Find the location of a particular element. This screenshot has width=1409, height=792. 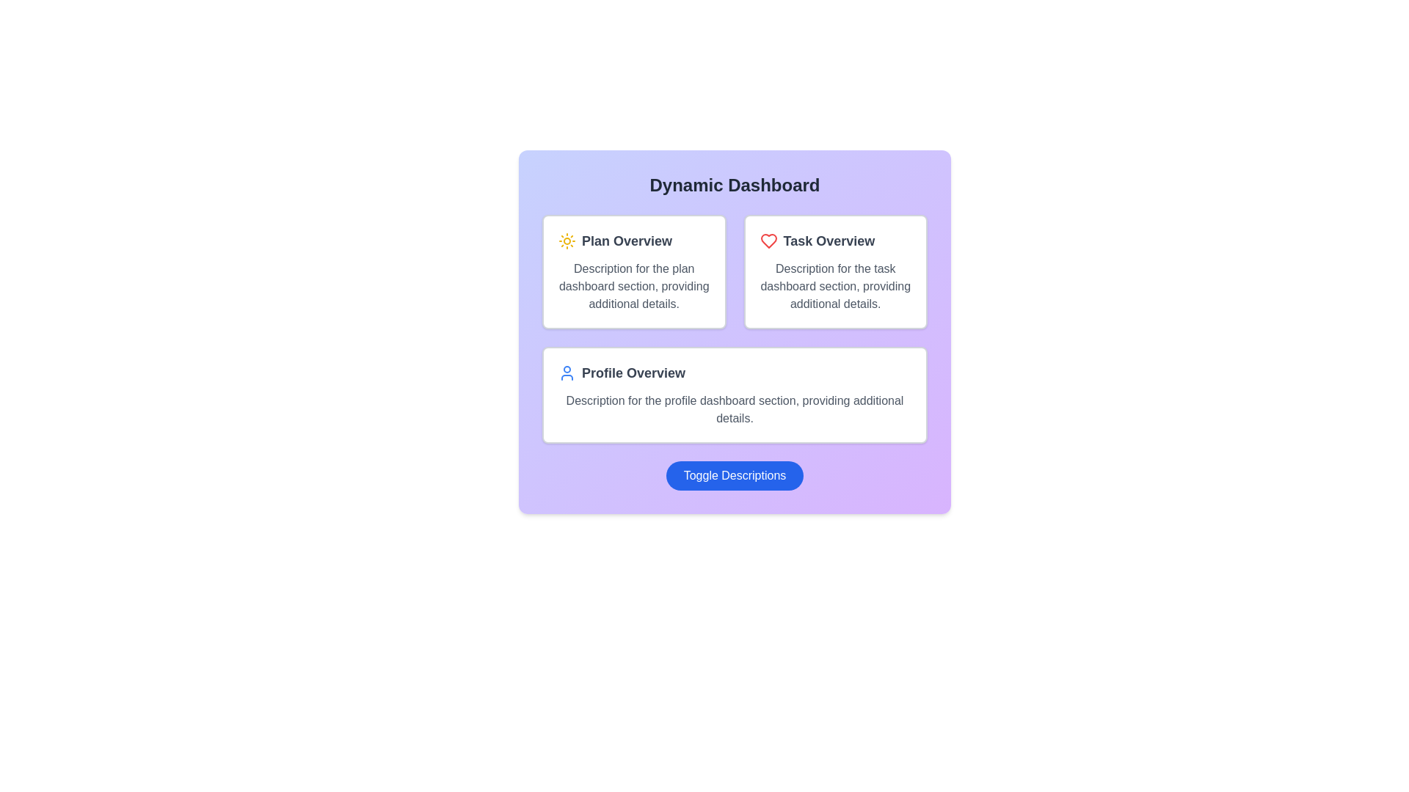

the decorative icon located to the left of the 'Task Overview' section title, which visually represents the section is located at coordinates (768, 240).